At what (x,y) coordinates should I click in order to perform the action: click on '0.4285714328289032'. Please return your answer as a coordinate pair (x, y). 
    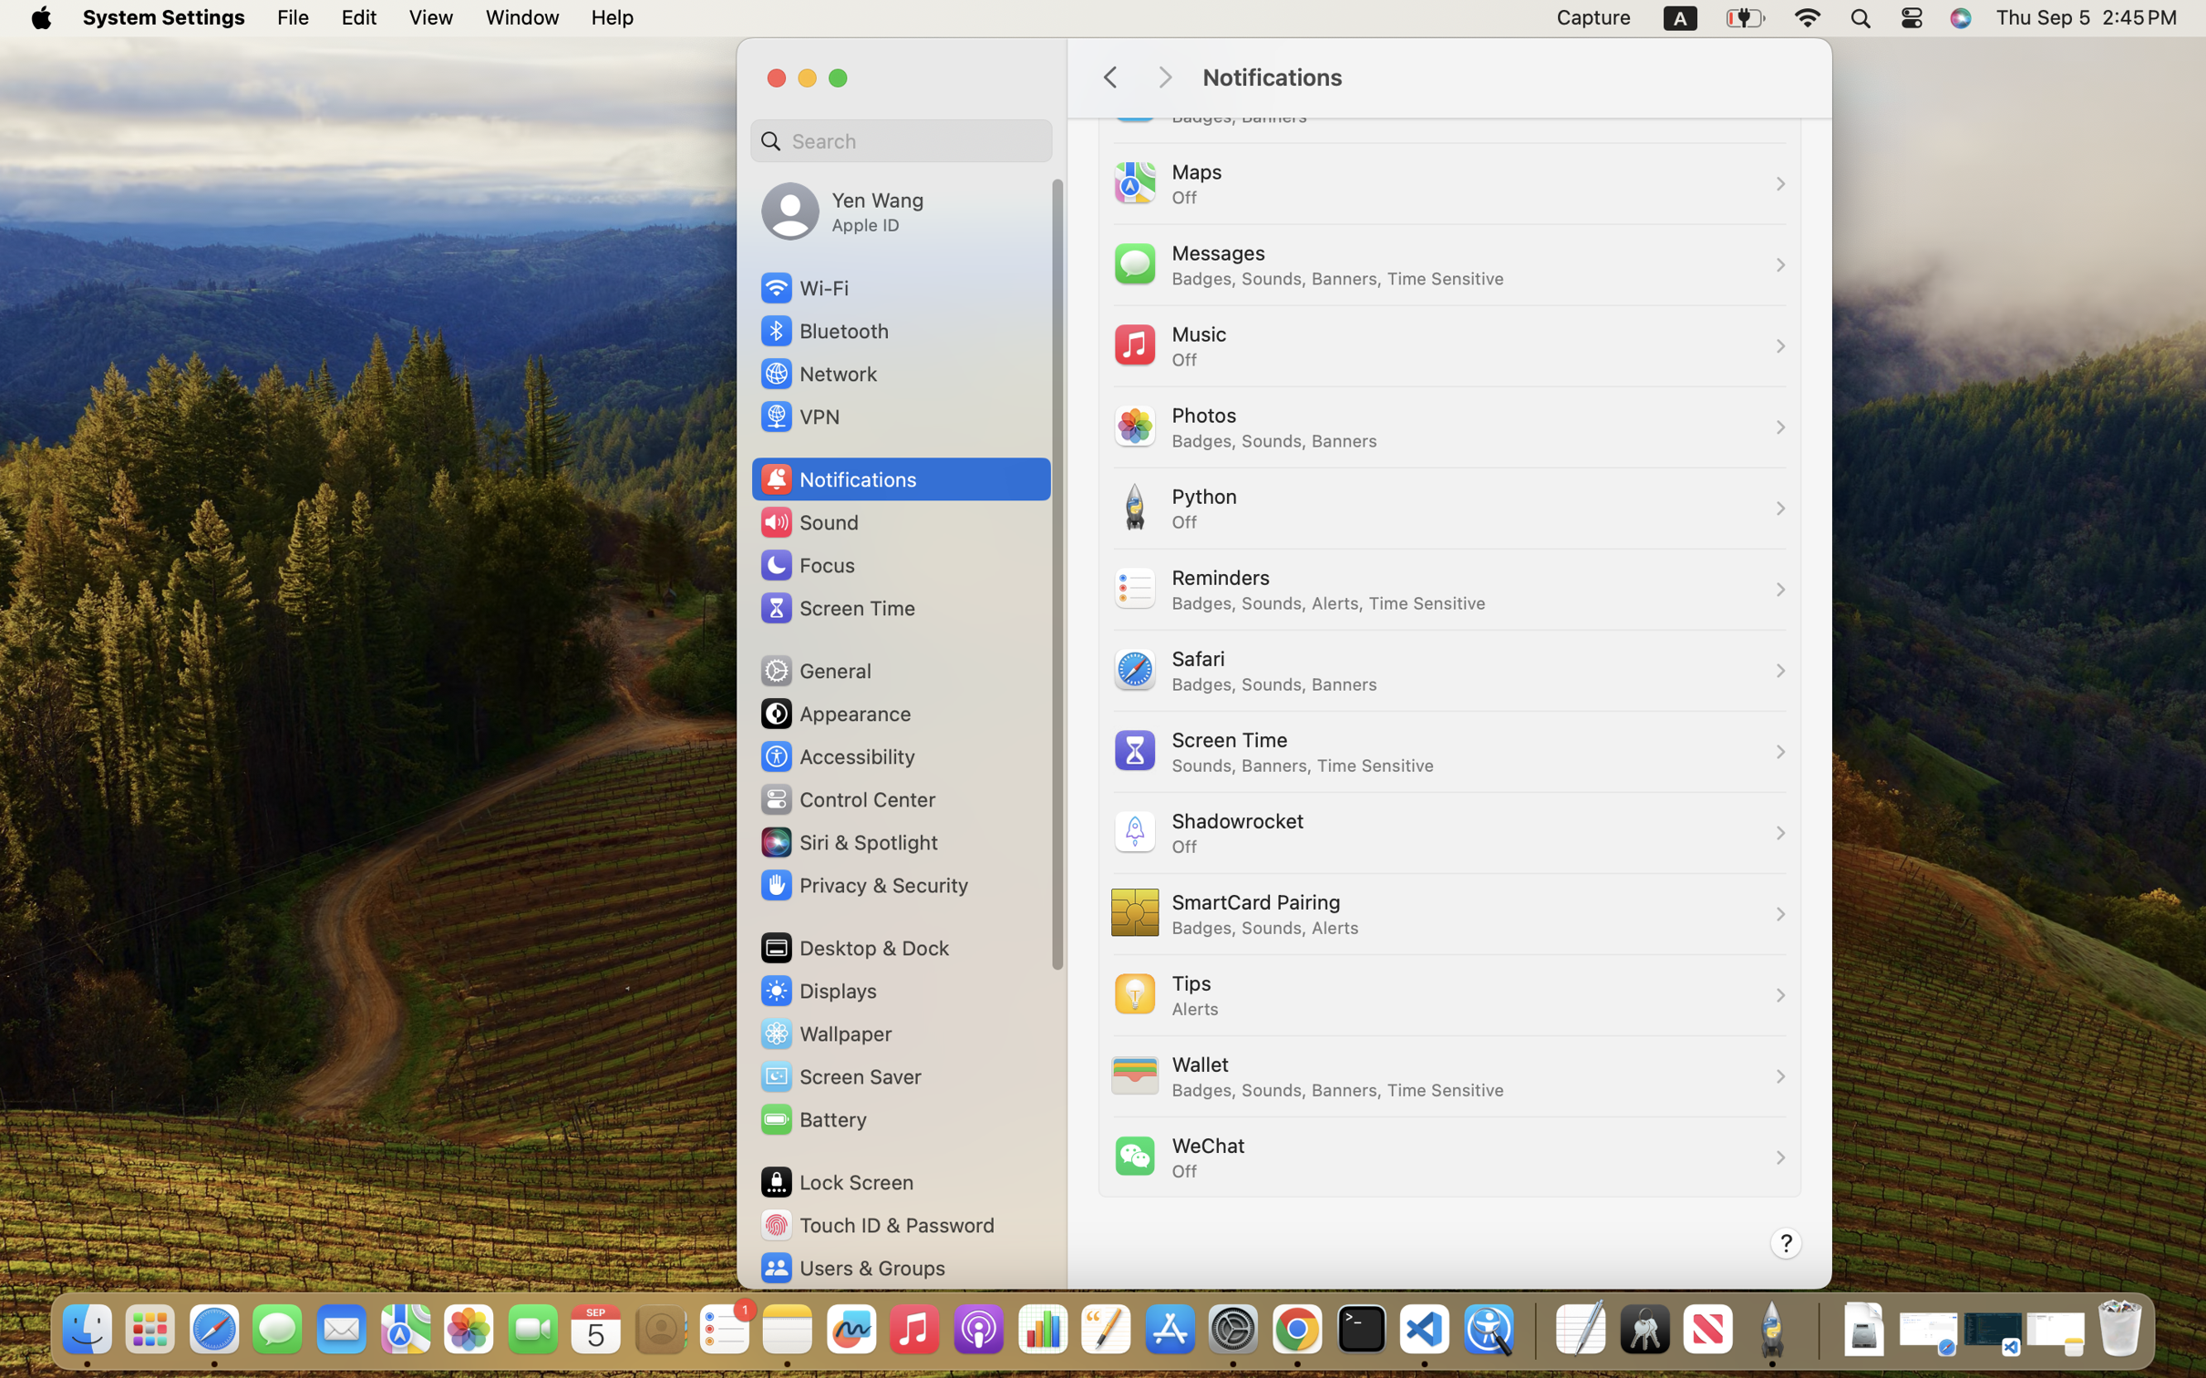
    Looking at the image, I should click on (1532, 1330).